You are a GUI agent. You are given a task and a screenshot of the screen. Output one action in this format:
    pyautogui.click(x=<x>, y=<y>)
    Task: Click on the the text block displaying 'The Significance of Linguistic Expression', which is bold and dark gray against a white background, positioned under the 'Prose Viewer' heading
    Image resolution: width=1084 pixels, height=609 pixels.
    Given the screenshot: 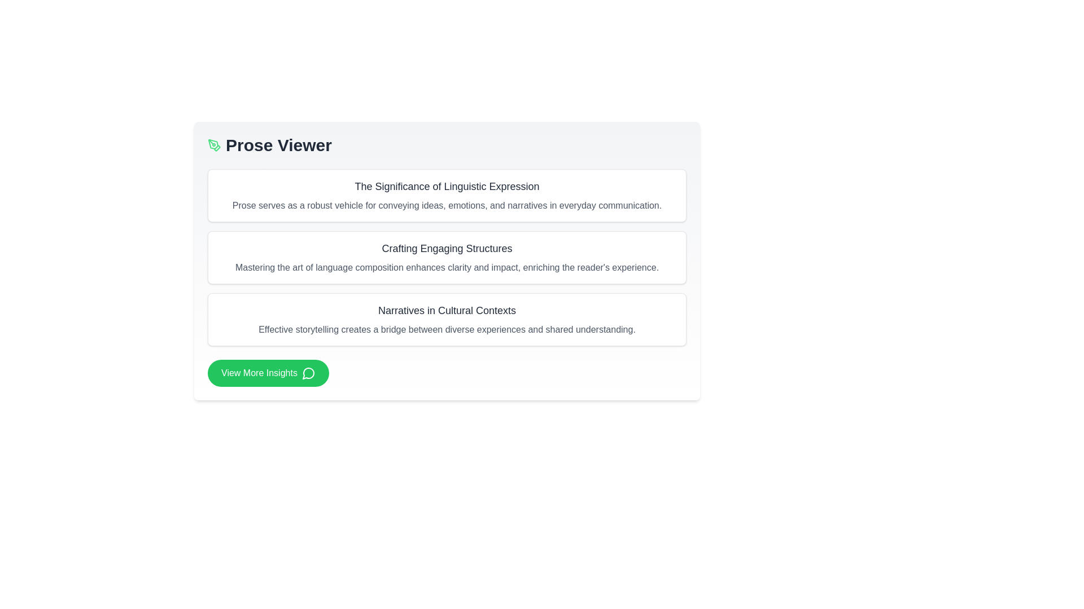 What is the action you would take?
    pyautogui.click(x=447, y=186)
    